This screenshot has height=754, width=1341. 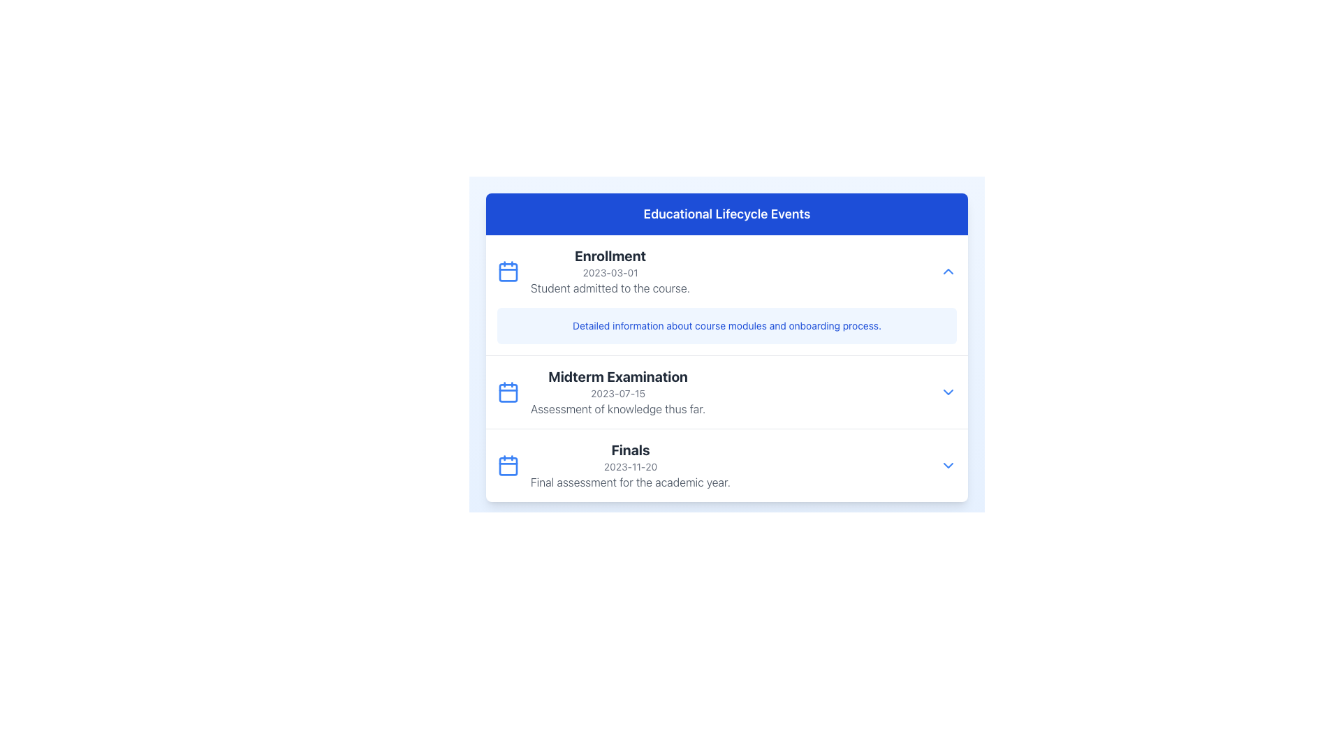 What do you see at coordinates (508, 392) in the screenshot?
I see `the calendar icon representing the date for the 'Midterm Examination', located to the far left of the title and textual information` at bounding box center [508, 392].